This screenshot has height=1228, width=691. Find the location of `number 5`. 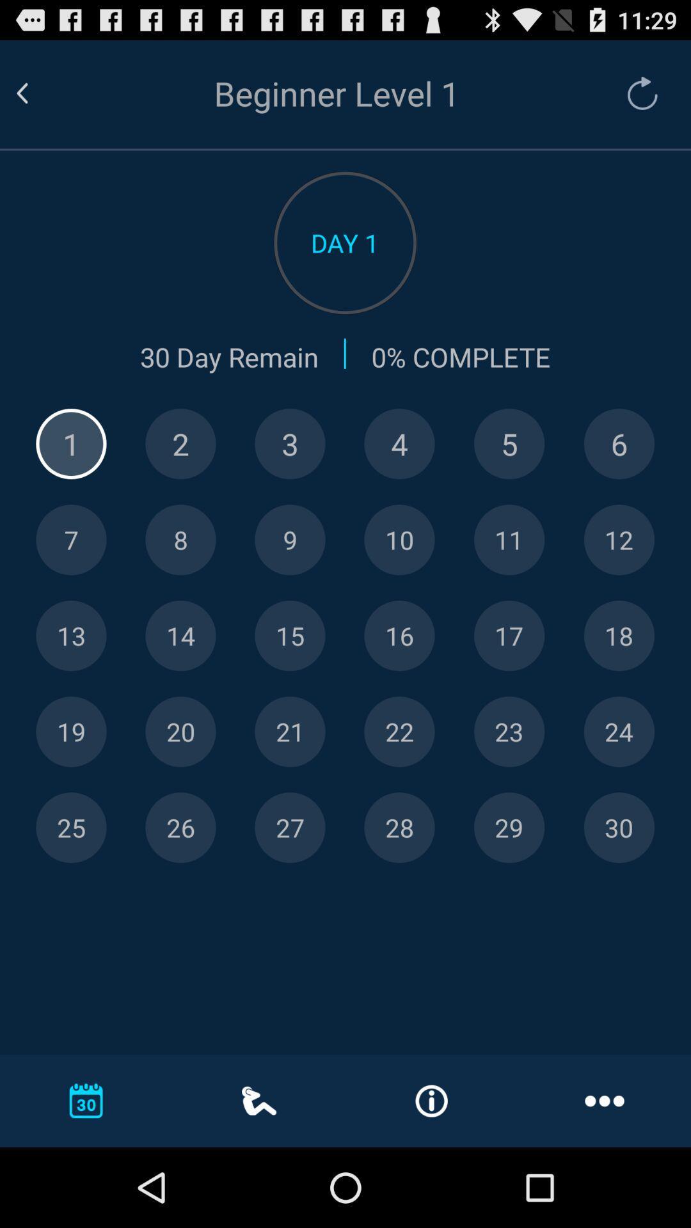

number 5 is located at coordinates (509, 444).